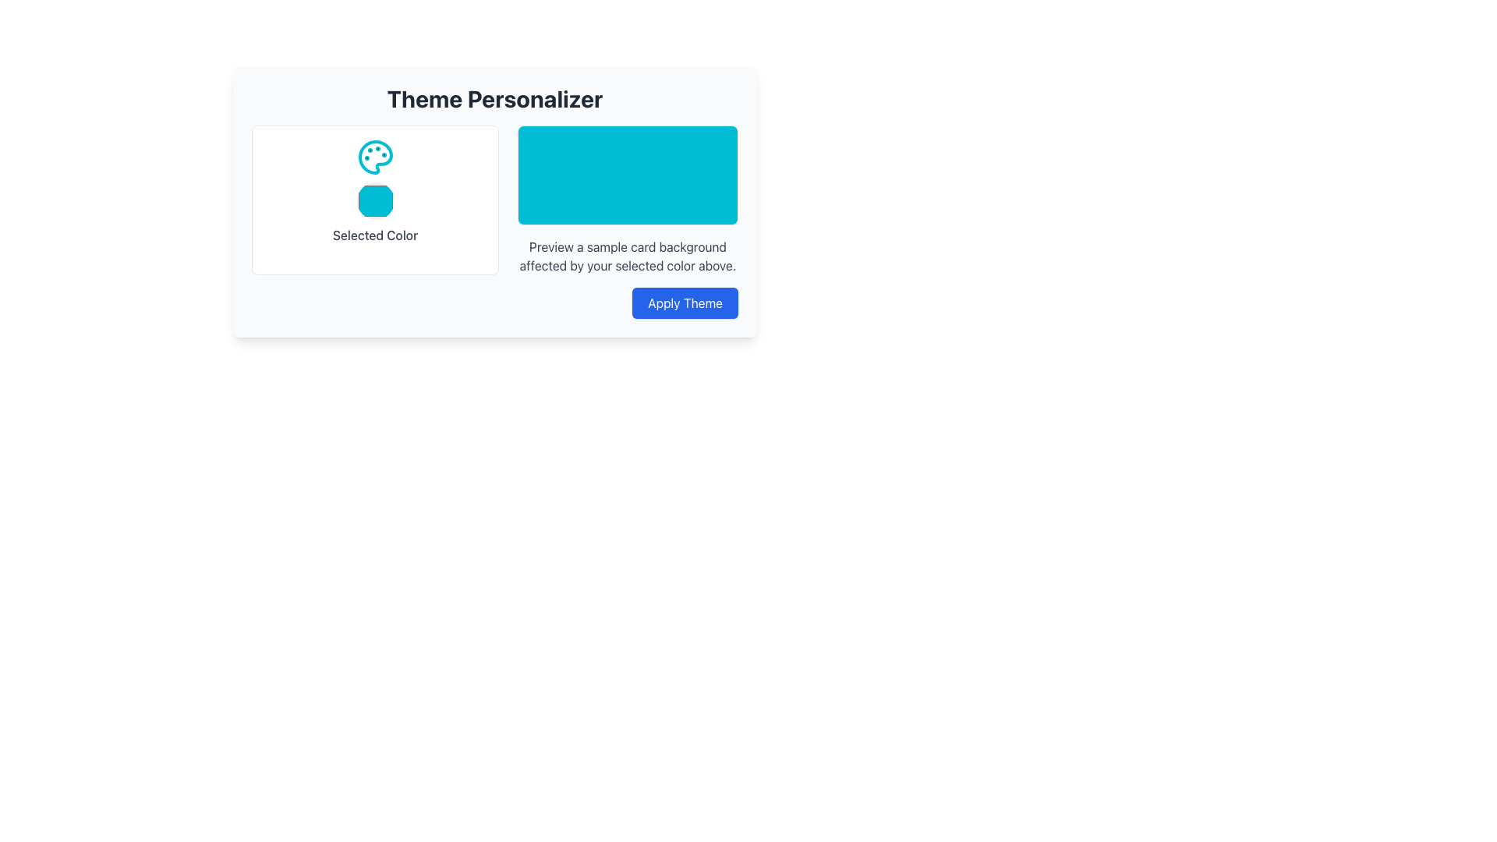 The height and width of the screenshot is (842, 1497). I want to click on the Text Label that indicates the selection status of the color preview above it, located in the left section of the card layout, so click(375, 235).